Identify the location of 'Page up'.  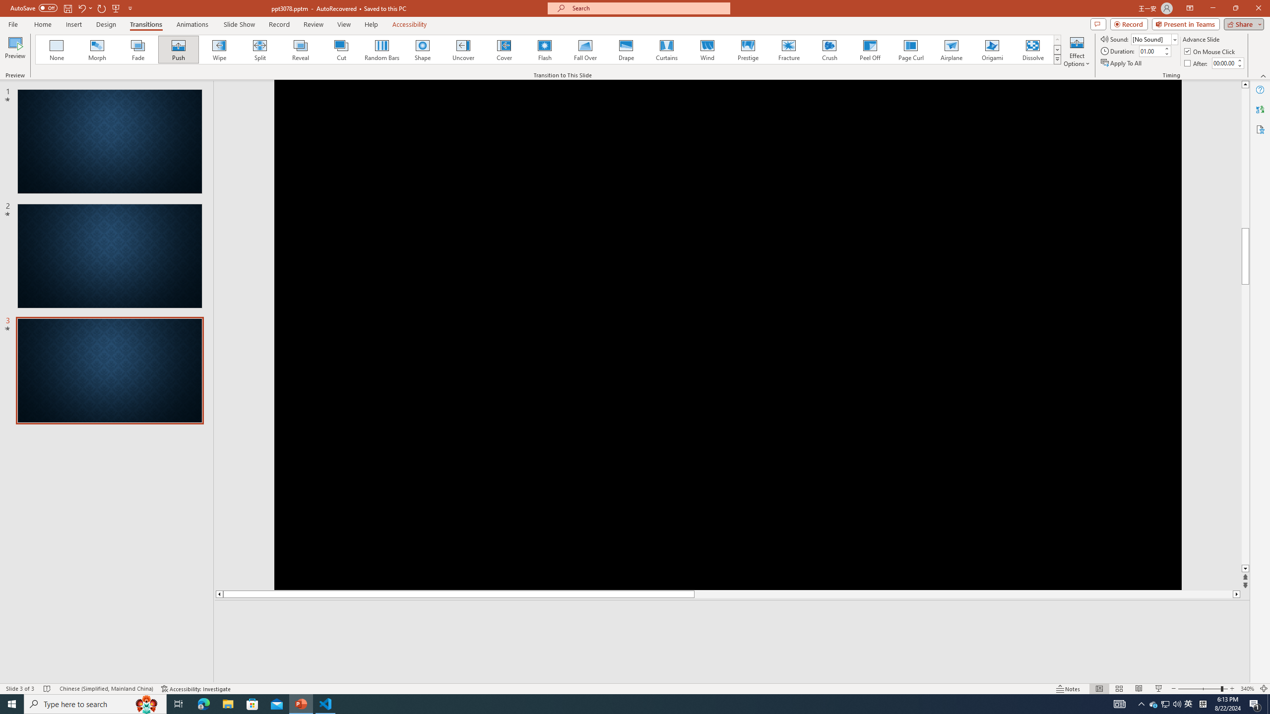
(1245, 228).